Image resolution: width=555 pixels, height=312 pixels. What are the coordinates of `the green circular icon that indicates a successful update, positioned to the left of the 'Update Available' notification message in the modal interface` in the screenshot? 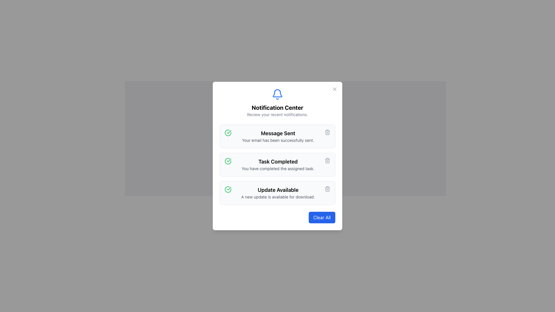 It's located at (229, 160).